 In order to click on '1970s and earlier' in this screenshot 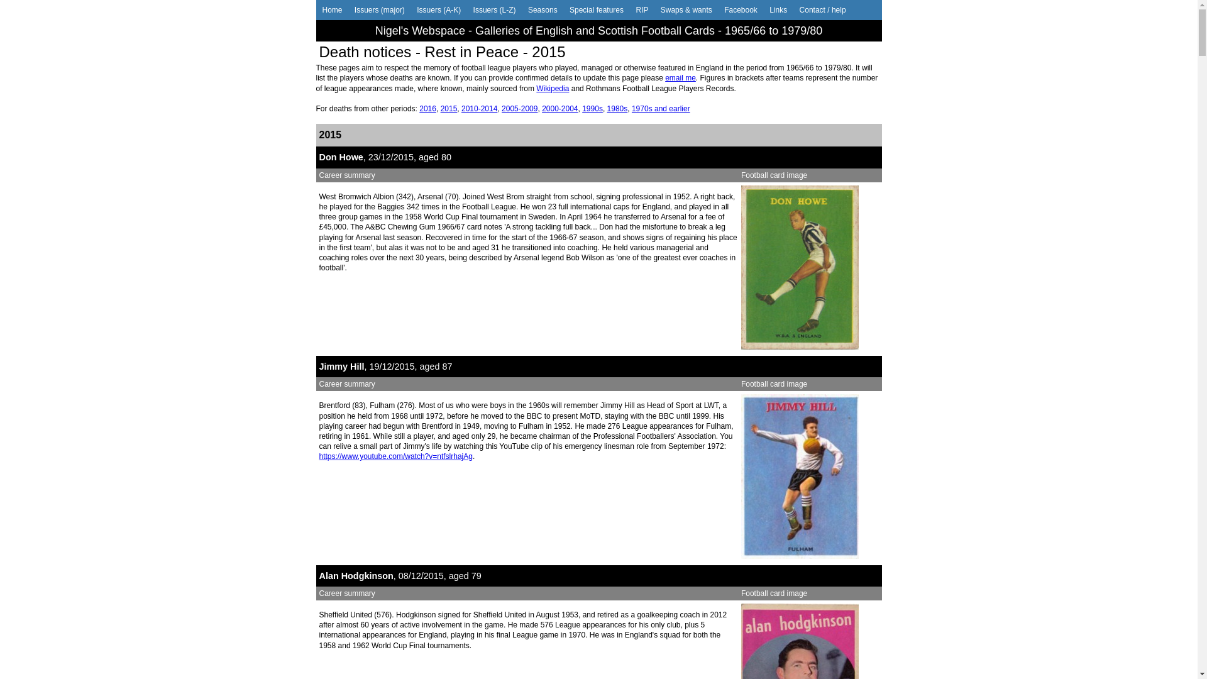, I will do `click(660, 108)`.